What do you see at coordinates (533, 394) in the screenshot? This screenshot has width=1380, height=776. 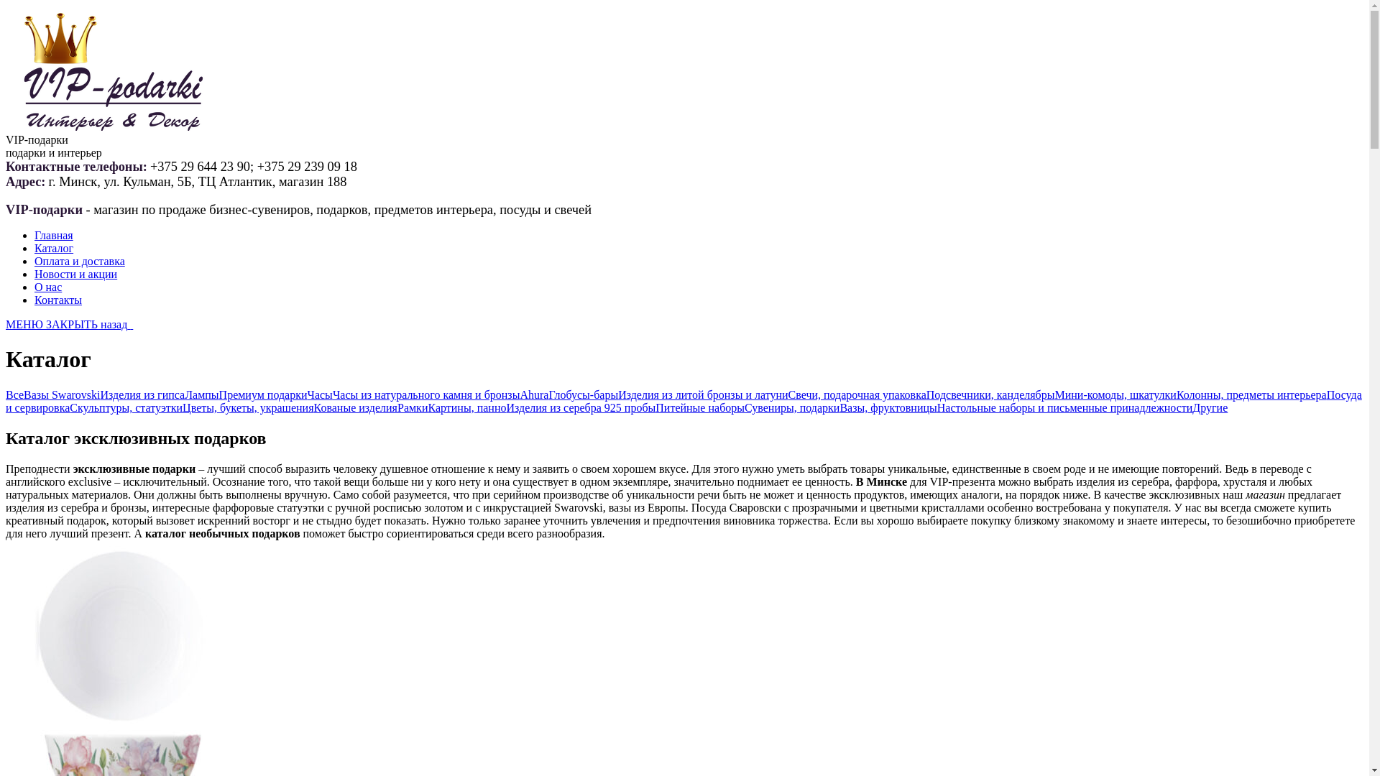 I see `'Ahura'` at bounding box center [533, 394].